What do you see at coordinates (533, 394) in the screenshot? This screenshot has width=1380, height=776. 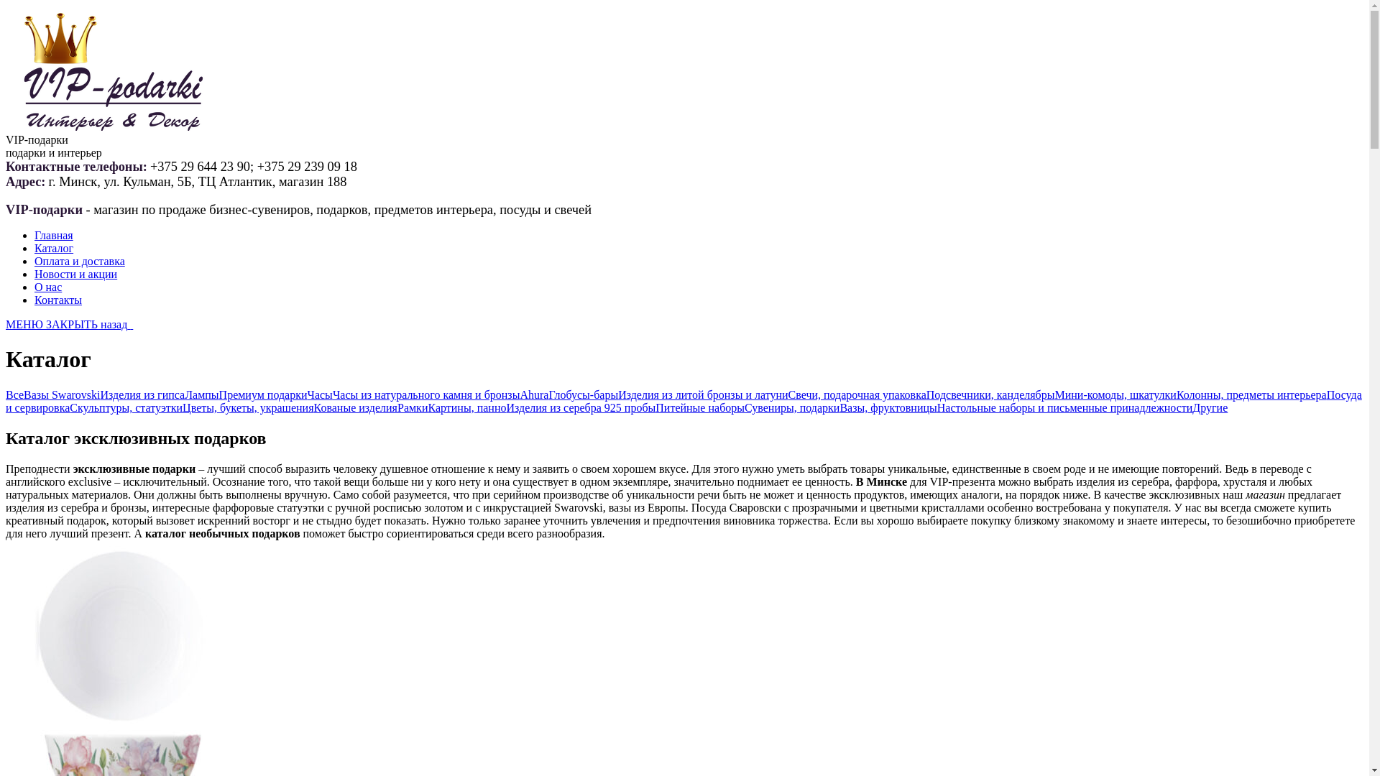 I see `'Ahura'` at bounding box center [533, 394].